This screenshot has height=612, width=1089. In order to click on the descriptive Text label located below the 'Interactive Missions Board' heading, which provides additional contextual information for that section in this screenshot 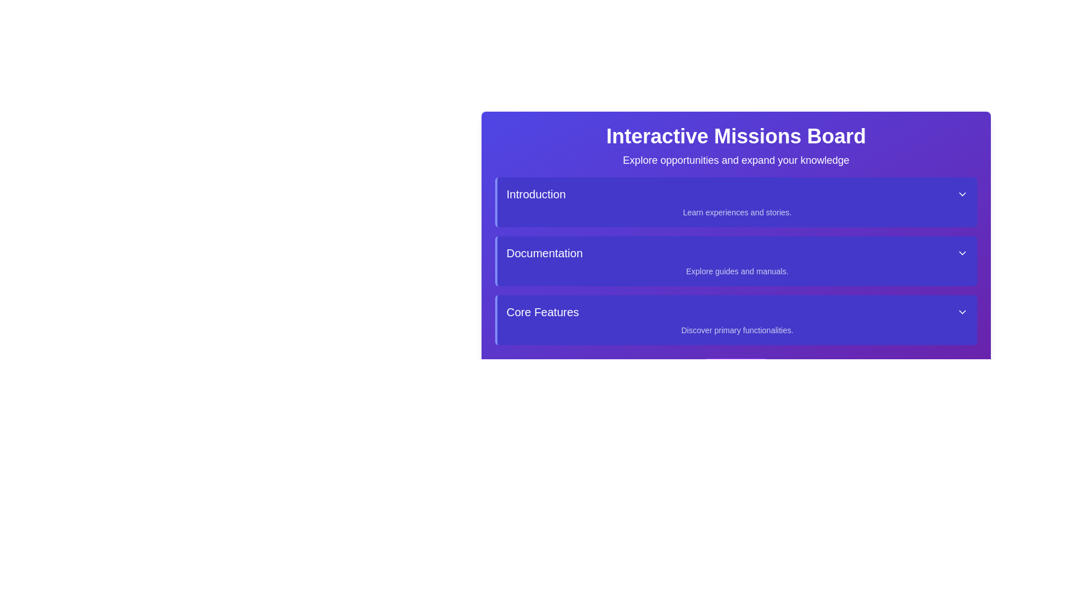, I will do `click(736, 160)`.